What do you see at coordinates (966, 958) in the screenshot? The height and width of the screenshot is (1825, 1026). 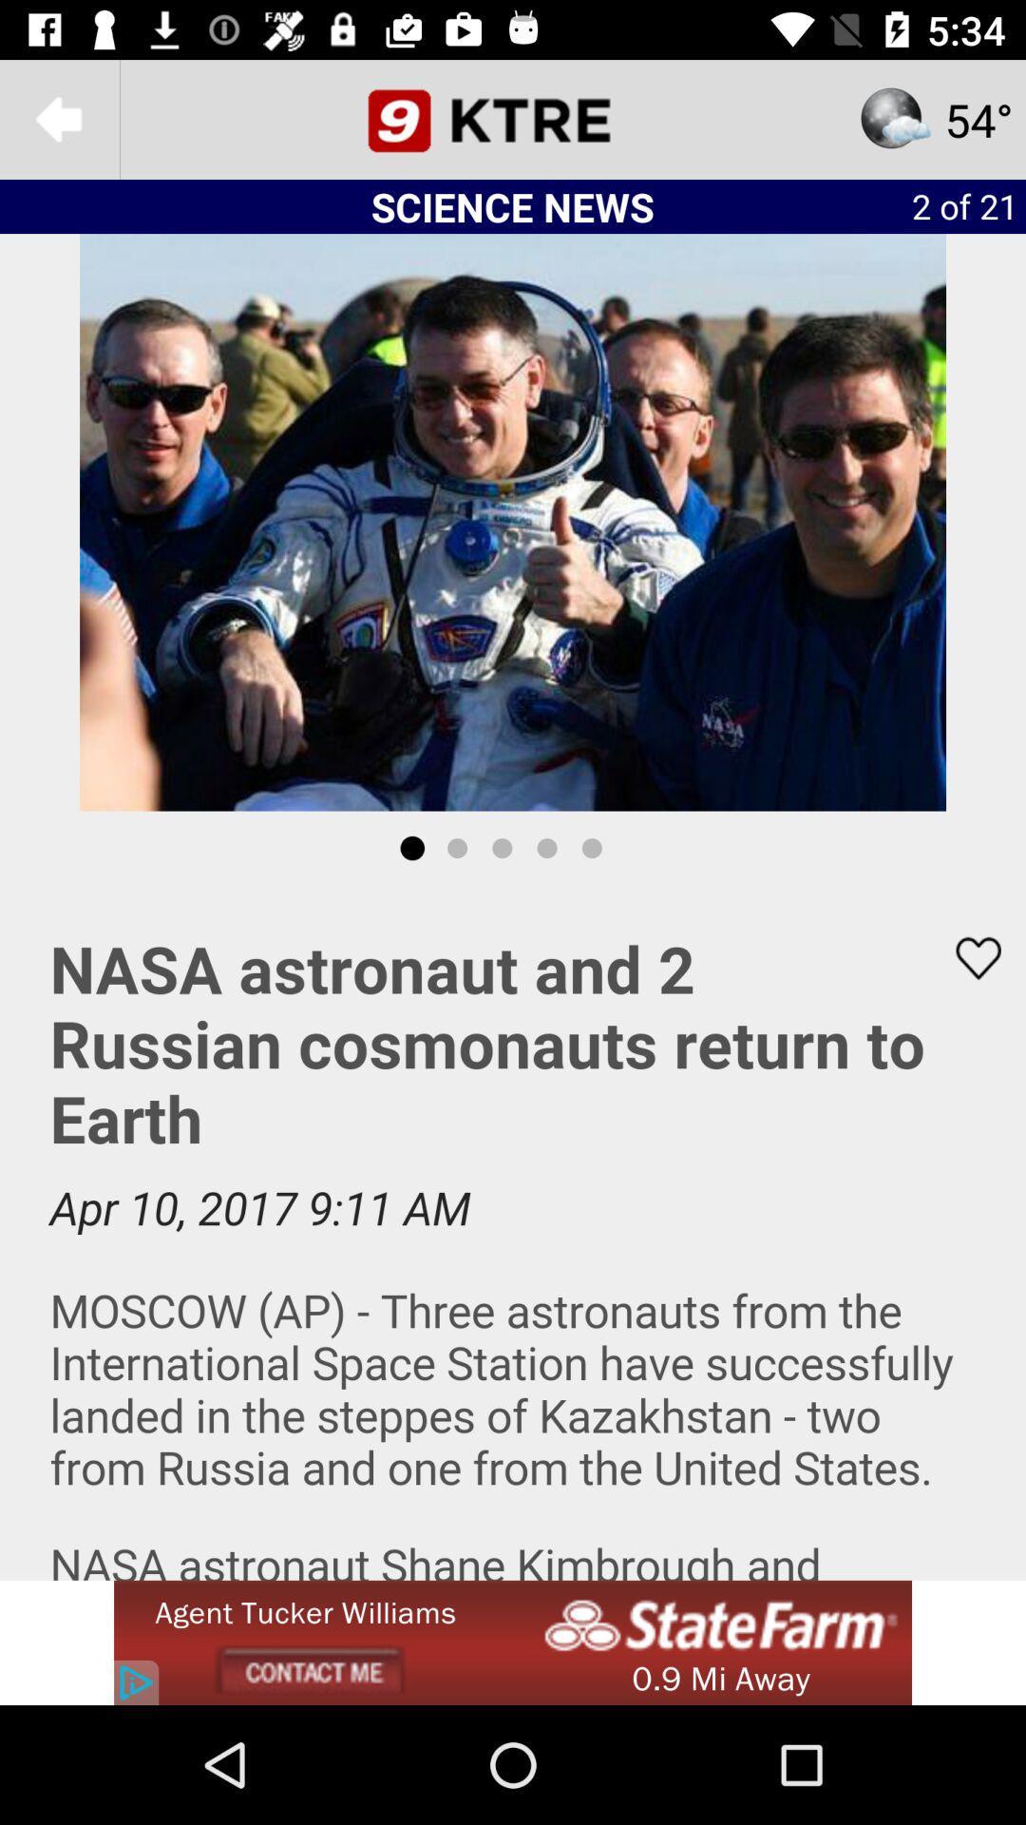 I see `to favourites` at bounding box center [966, 958].